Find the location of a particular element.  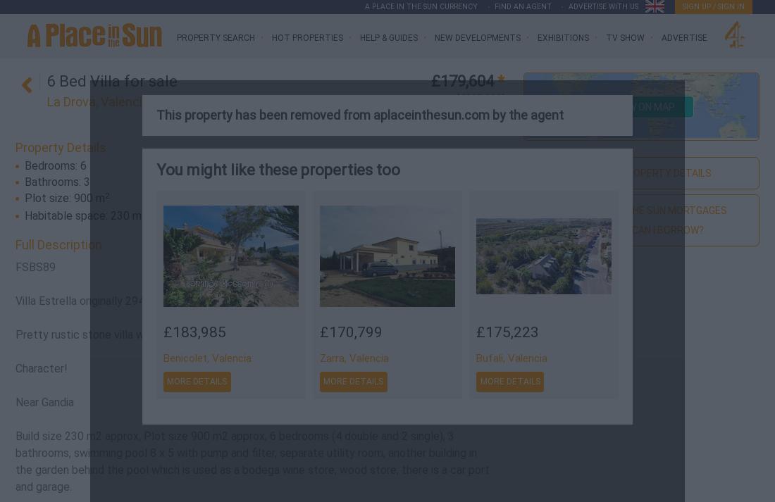

'Help & Guides' is located at coordinates (387, 37).